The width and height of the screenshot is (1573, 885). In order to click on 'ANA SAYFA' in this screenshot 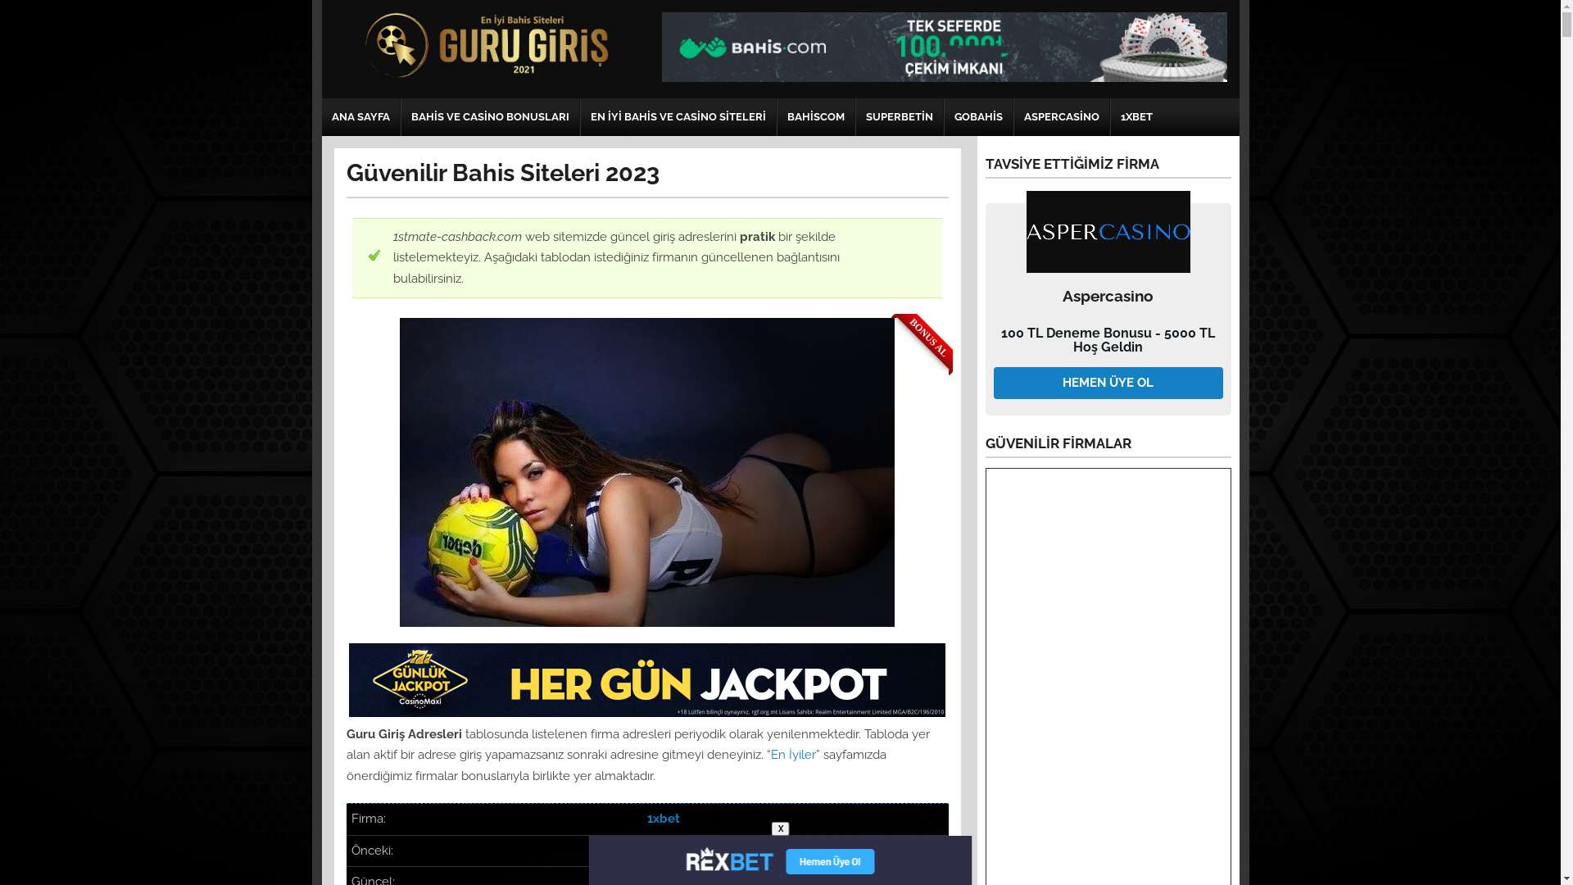, I will do `click(359, 116)`.